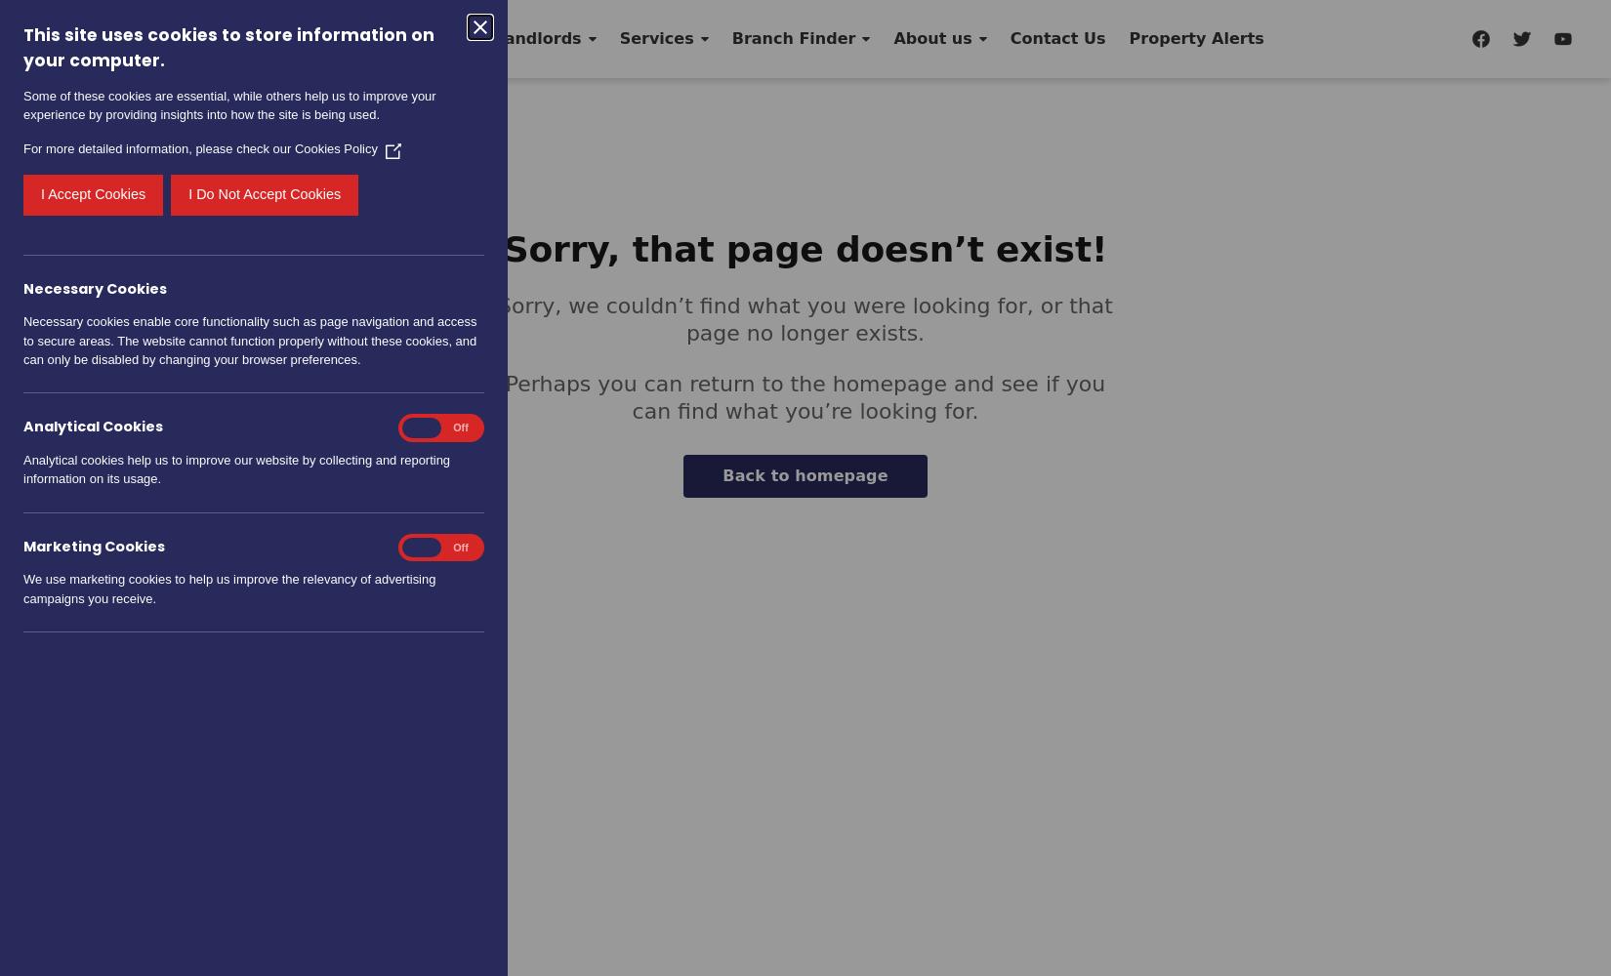 This screenshot has height=976, width=1611. I want to click on 'Services', so click(617, 38).